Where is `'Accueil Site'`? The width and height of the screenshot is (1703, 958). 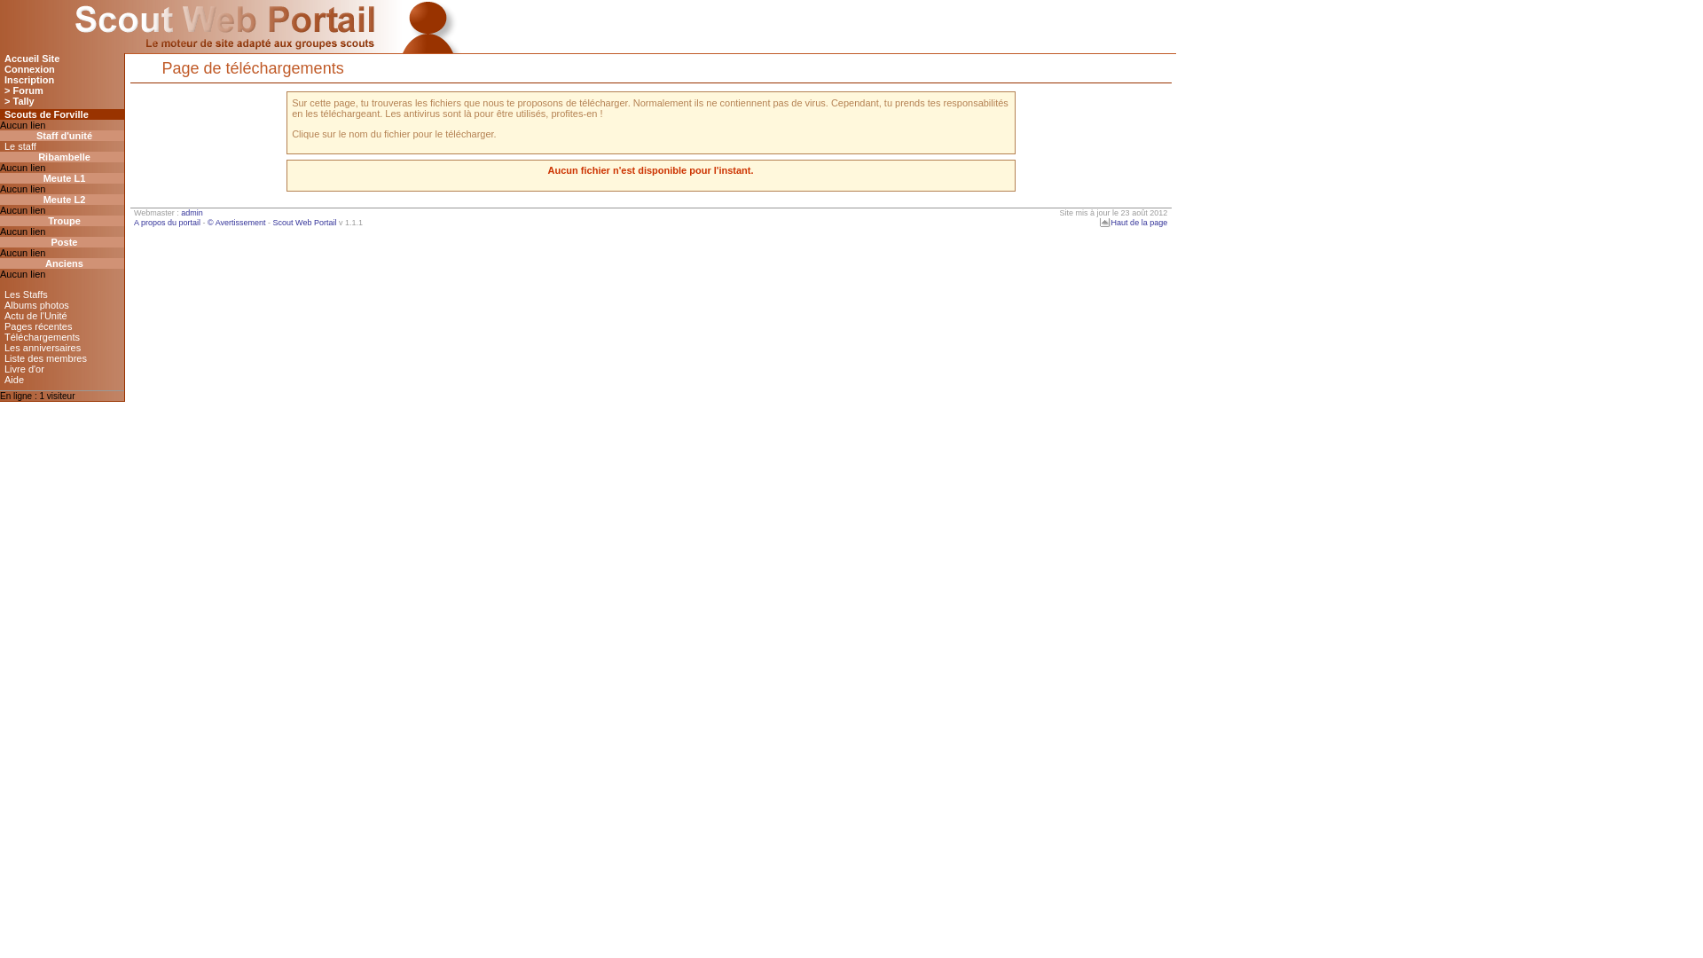 'Accueil Site' is located at coordinates (62, 57).